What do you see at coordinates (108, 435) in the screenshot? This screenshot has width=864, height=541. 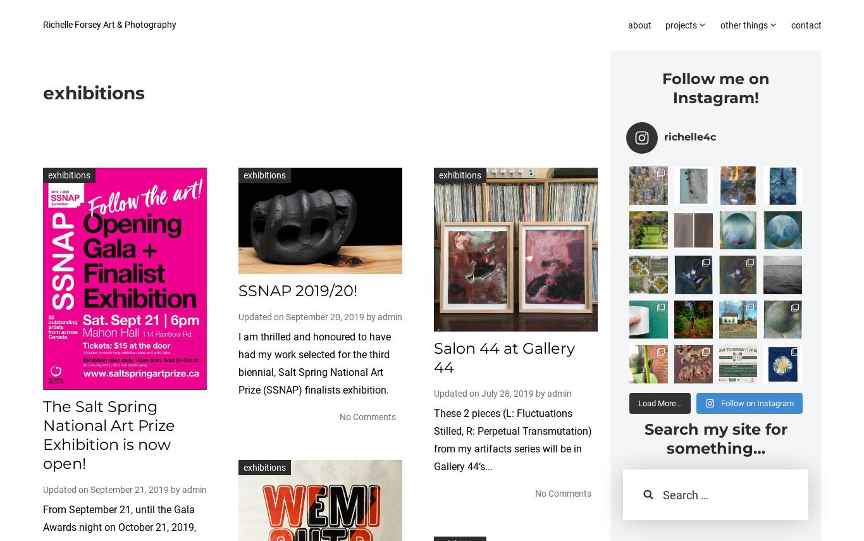 I see `'The Salt Spring National Art Prize Exhibition is now open!'` at bounding box center [108, 435].